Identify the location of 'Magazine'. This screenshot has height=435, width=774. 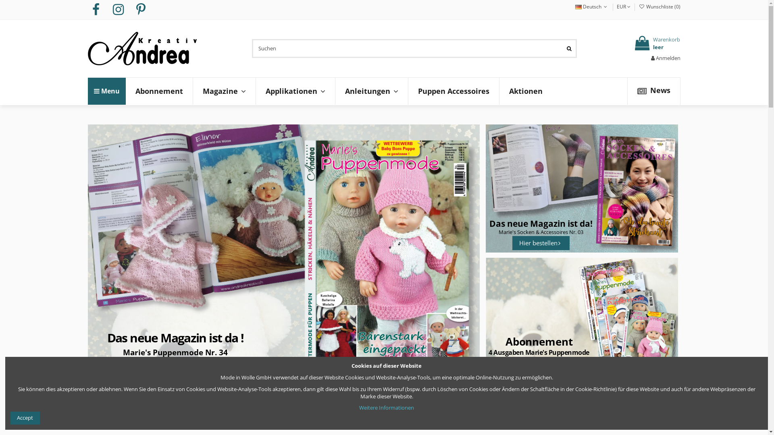
(224, 91).